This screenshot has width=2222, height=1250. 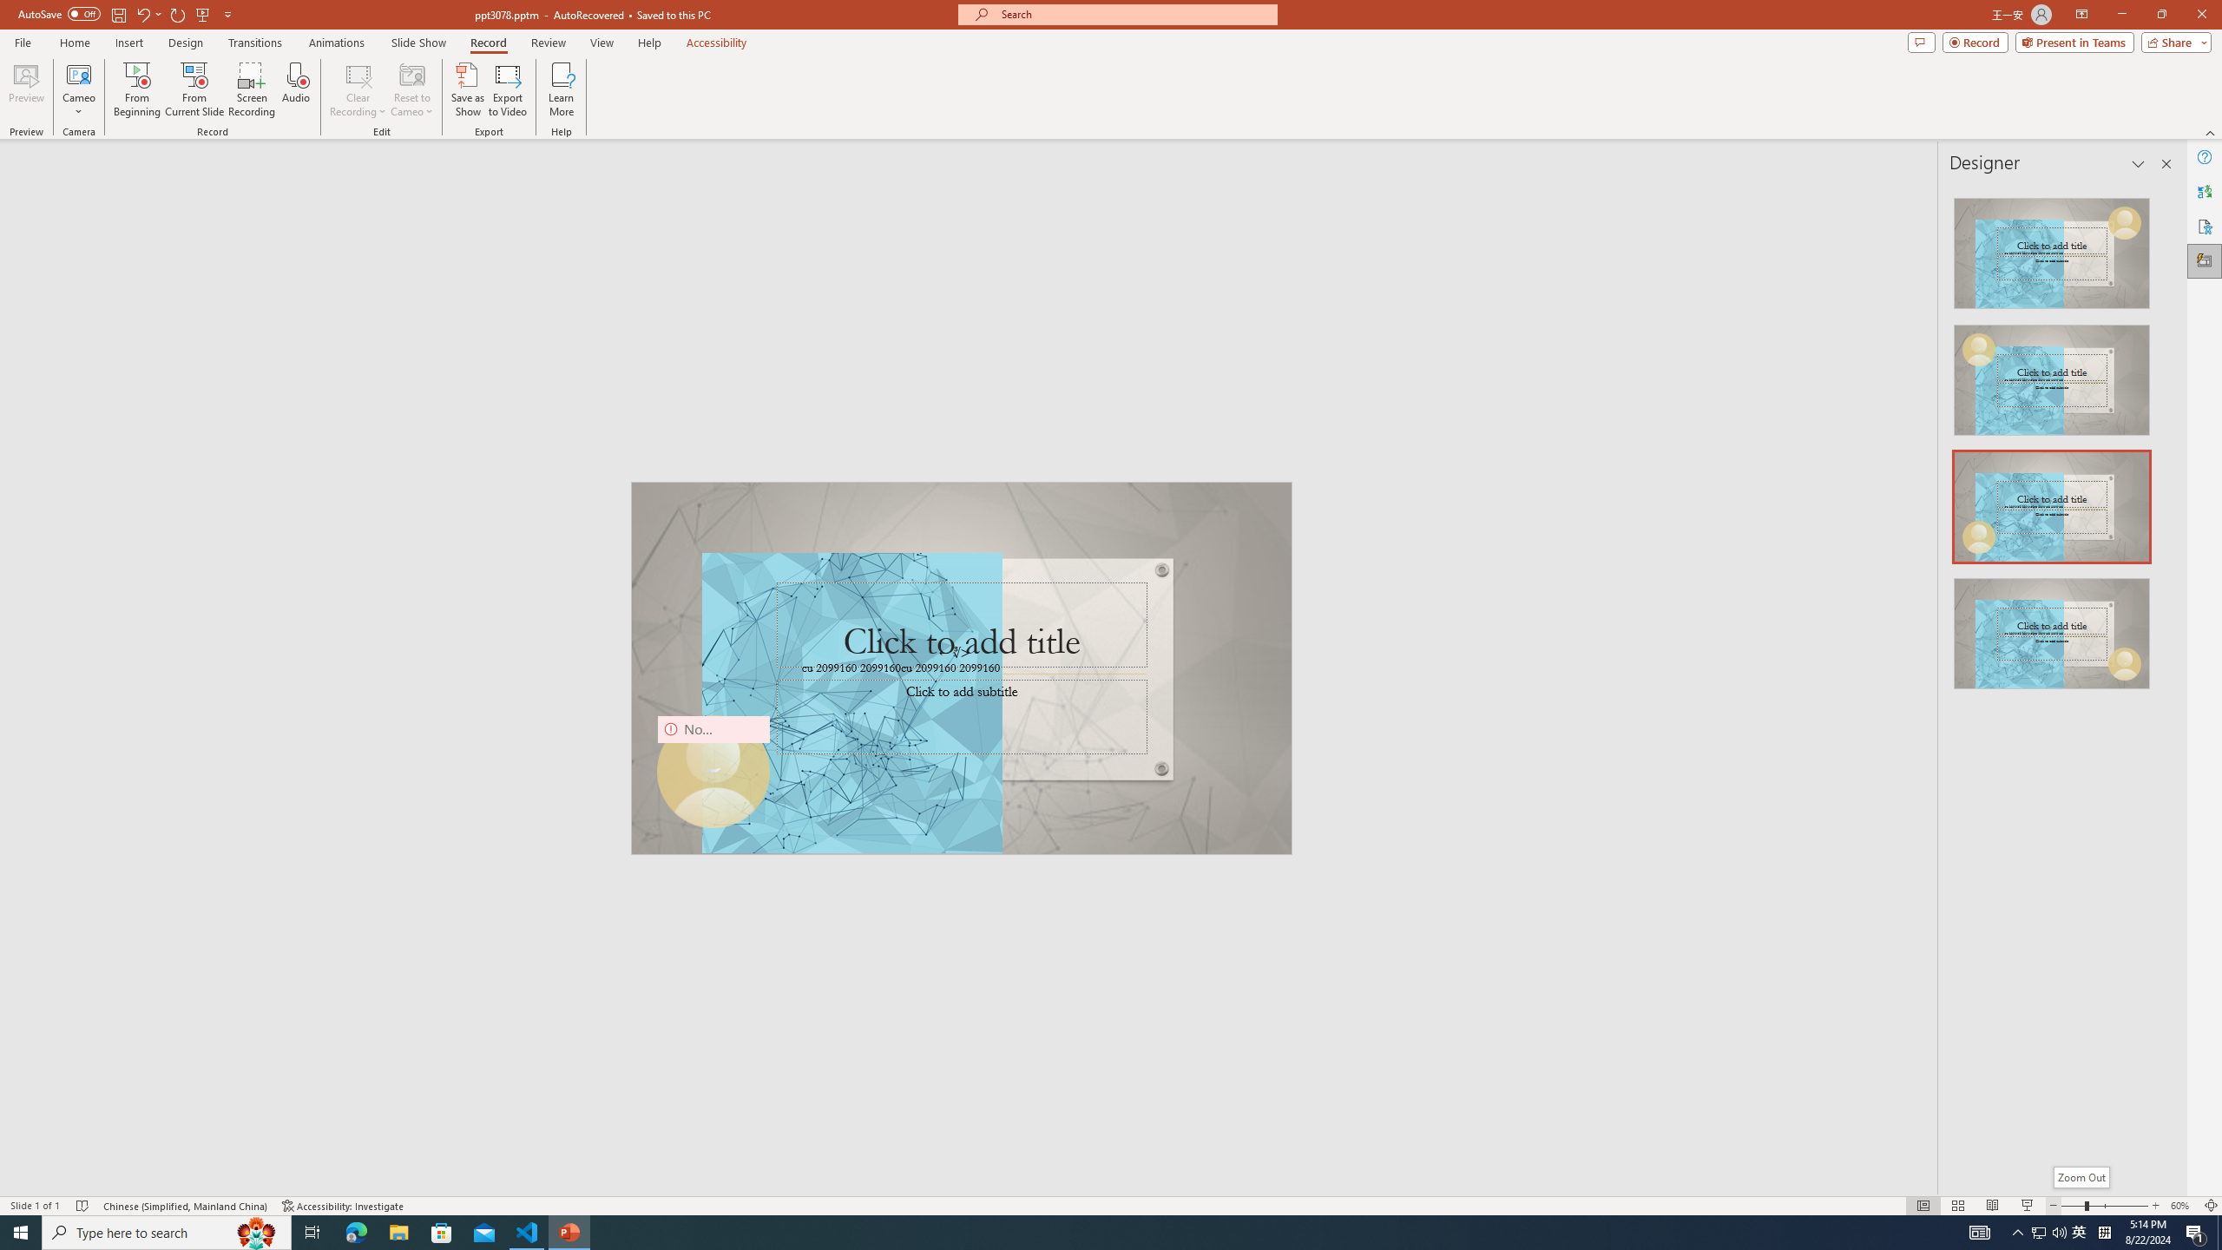 What do you see at coordinates (251, 89) in the screenshot?
I see `'Screen Recording'` at bounding box center [251, 89].